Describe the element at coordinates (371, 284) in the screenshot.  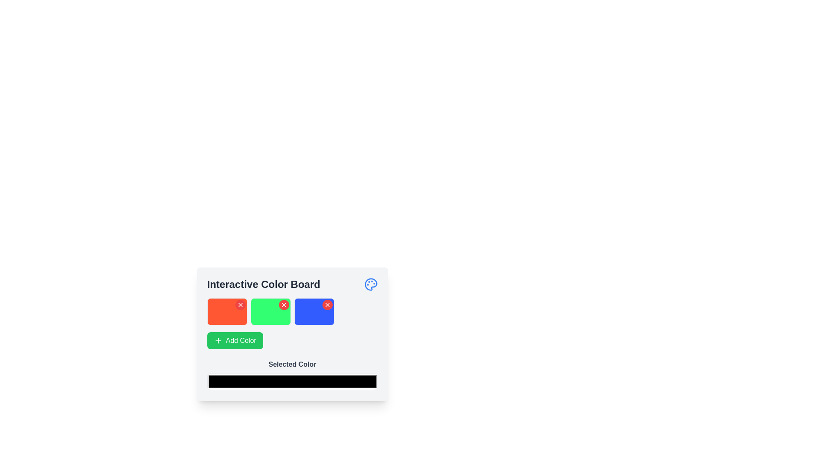
I see `the decorative icon associated with the 'Interactive Color Board' located at the top-right corner of the header` at that location.